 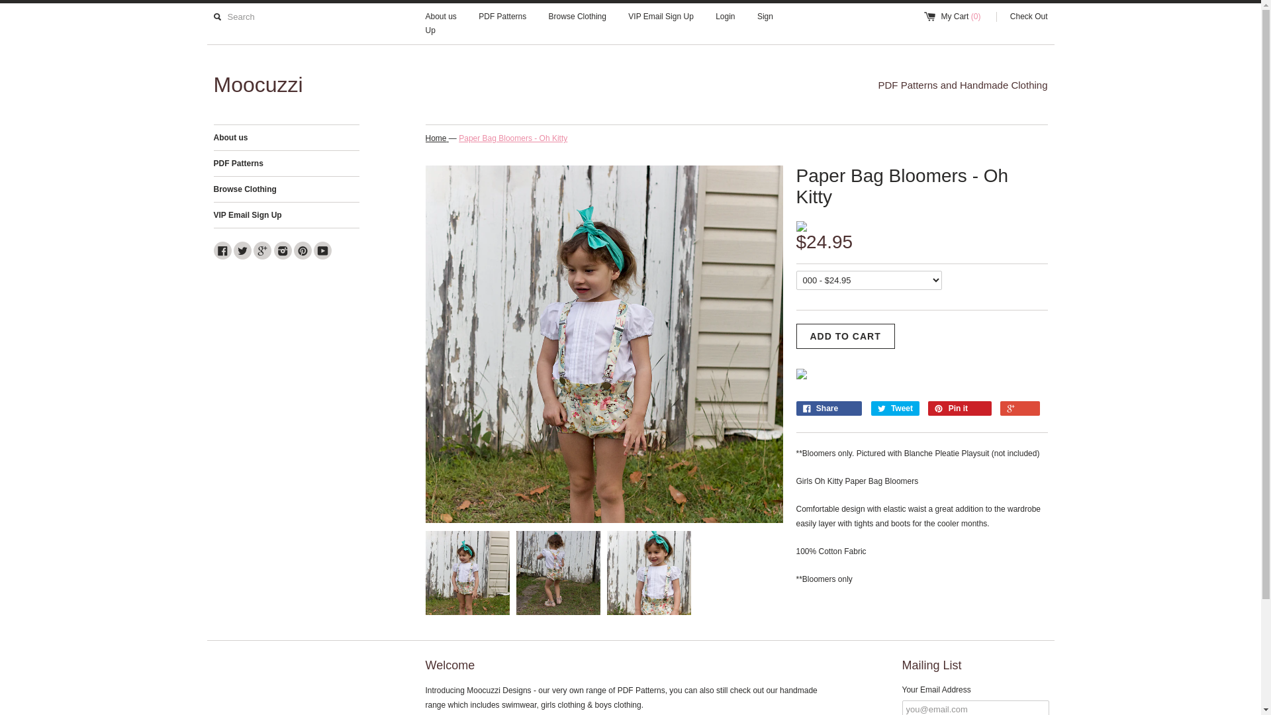 I want to click on 'Login', so click(x=724, y=17).